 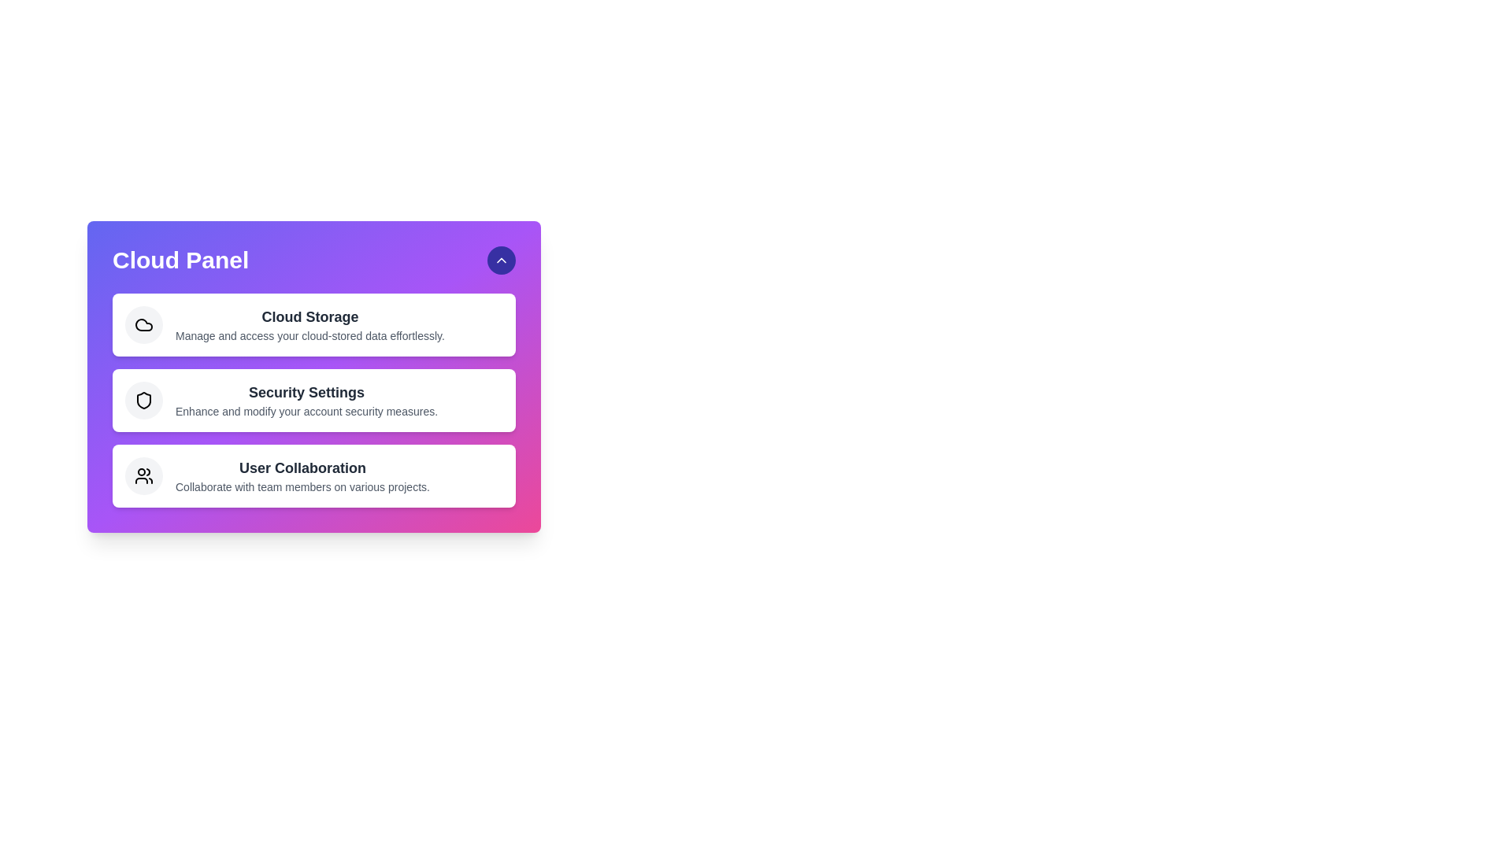 I want to click on the 'Cloud Storage' option to access its details, so click(x=313, y=323).